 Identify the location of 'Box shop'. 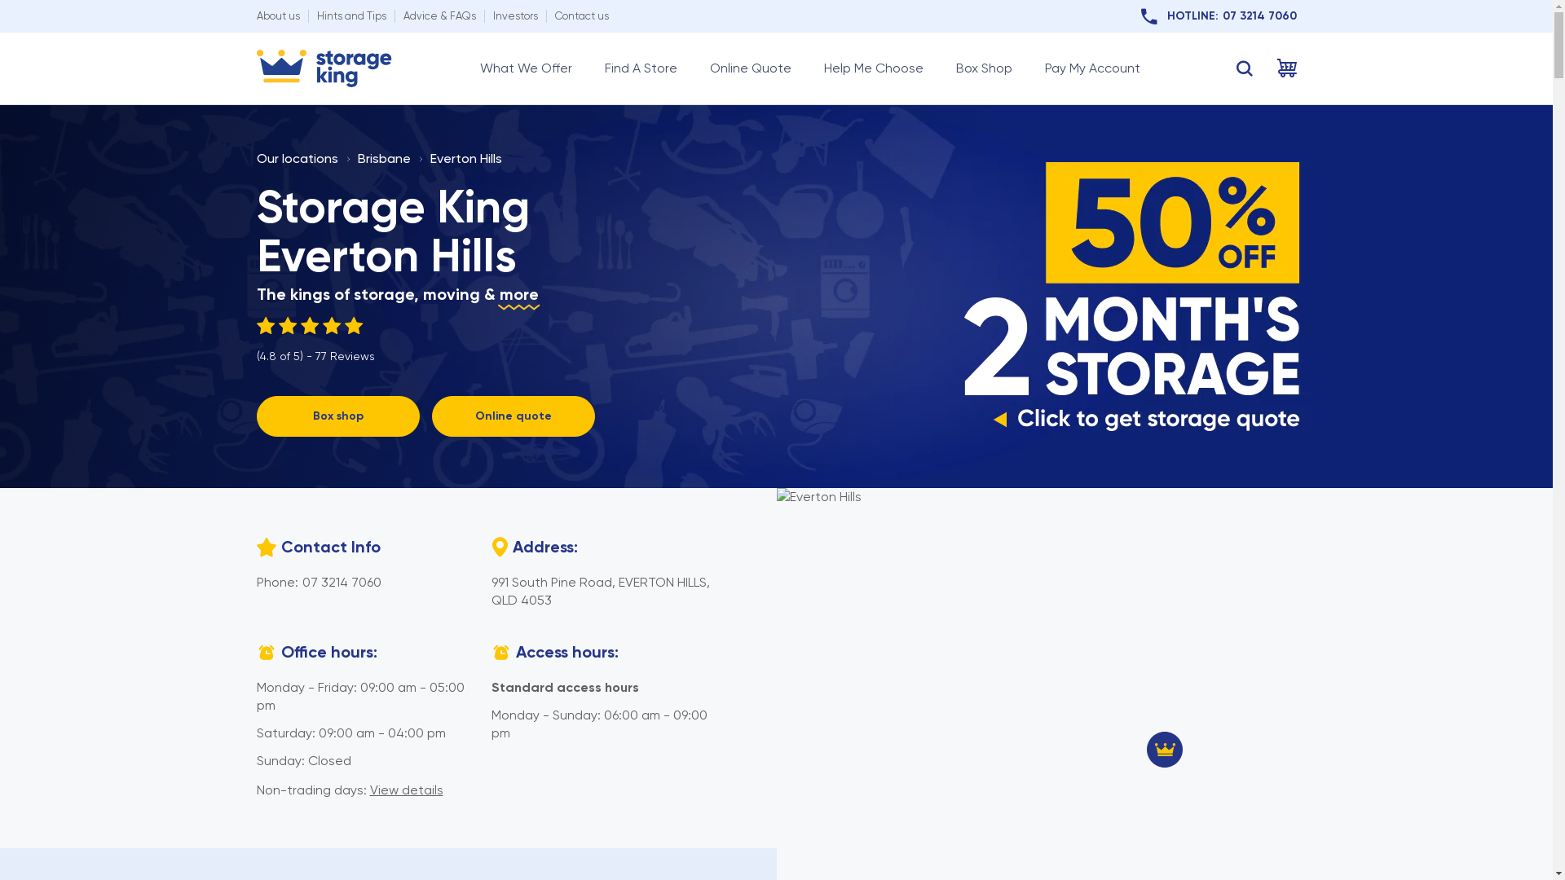
(336, 415).